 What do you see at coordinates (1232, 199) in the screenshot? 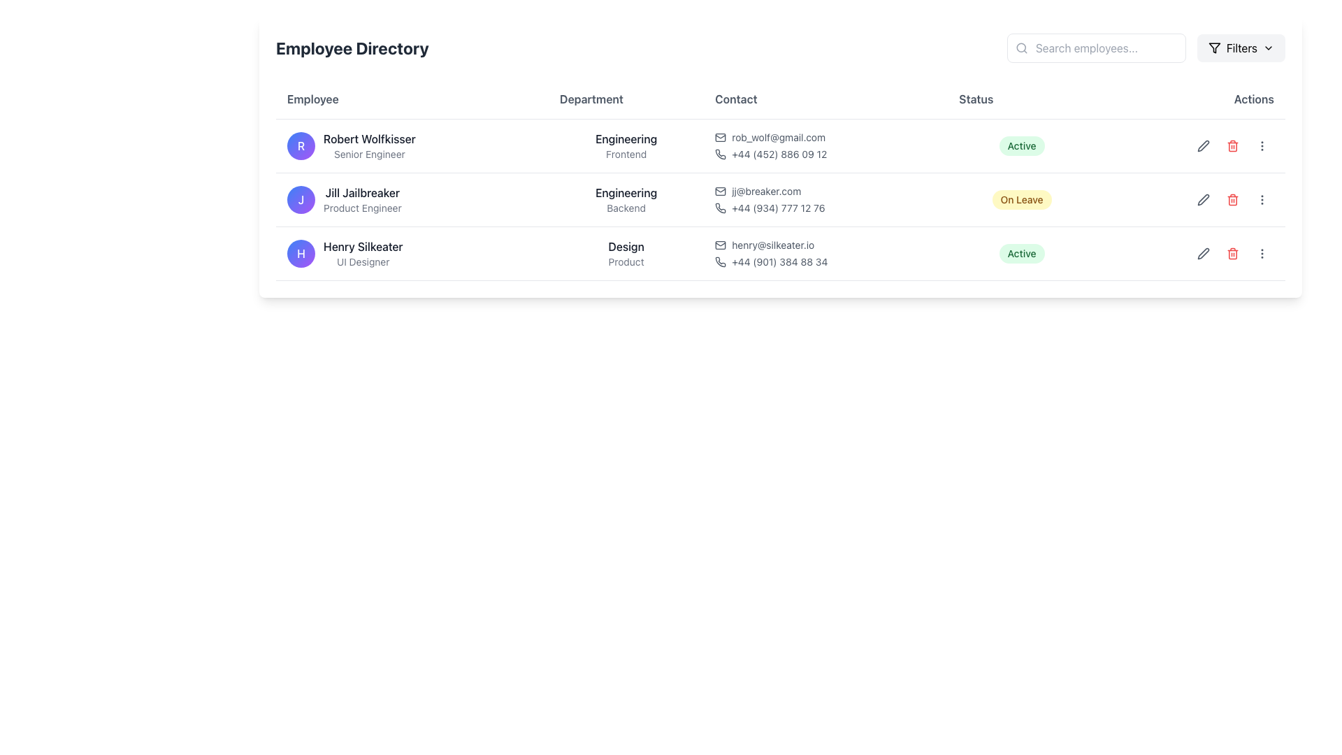
I see `the delete button located in the action column of the second row in the employee directory grid to observe the hover effect` at bounding box center [1232, 199].